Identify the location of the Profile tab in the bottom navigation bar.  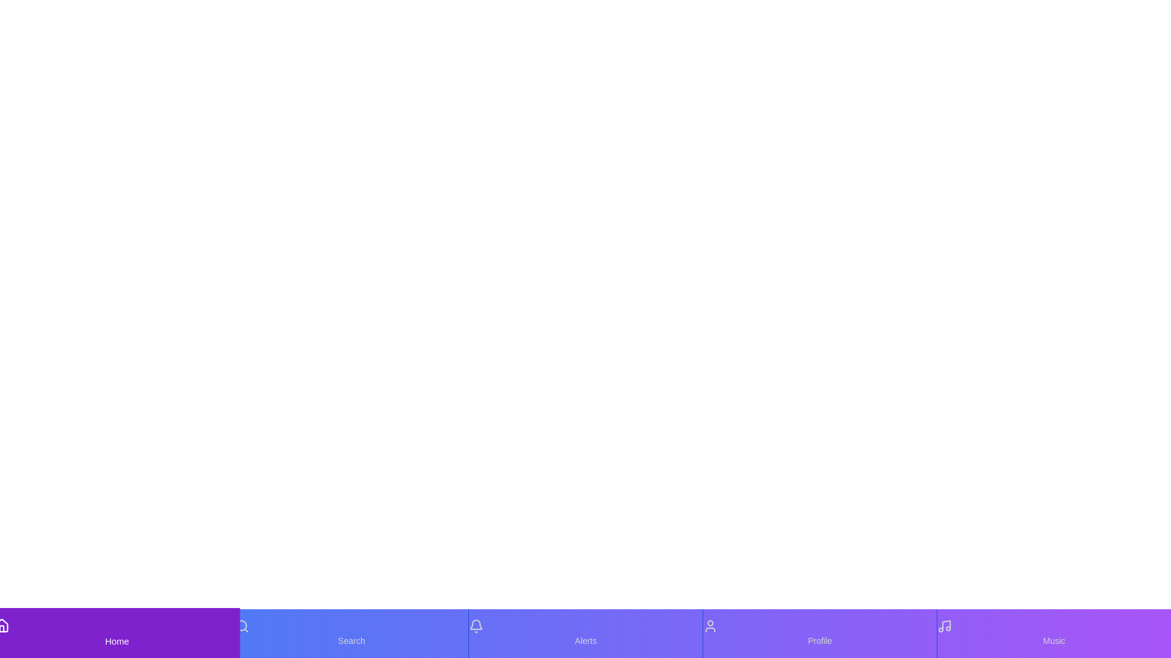
(820, 633).